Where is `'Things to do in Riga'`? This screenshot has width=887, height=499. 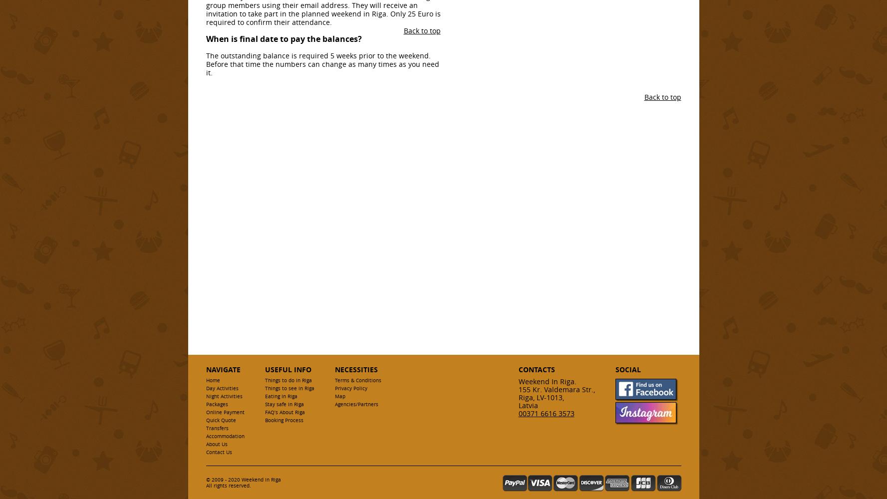 'Things to do in Riga' is located at coordinates (287, 380).